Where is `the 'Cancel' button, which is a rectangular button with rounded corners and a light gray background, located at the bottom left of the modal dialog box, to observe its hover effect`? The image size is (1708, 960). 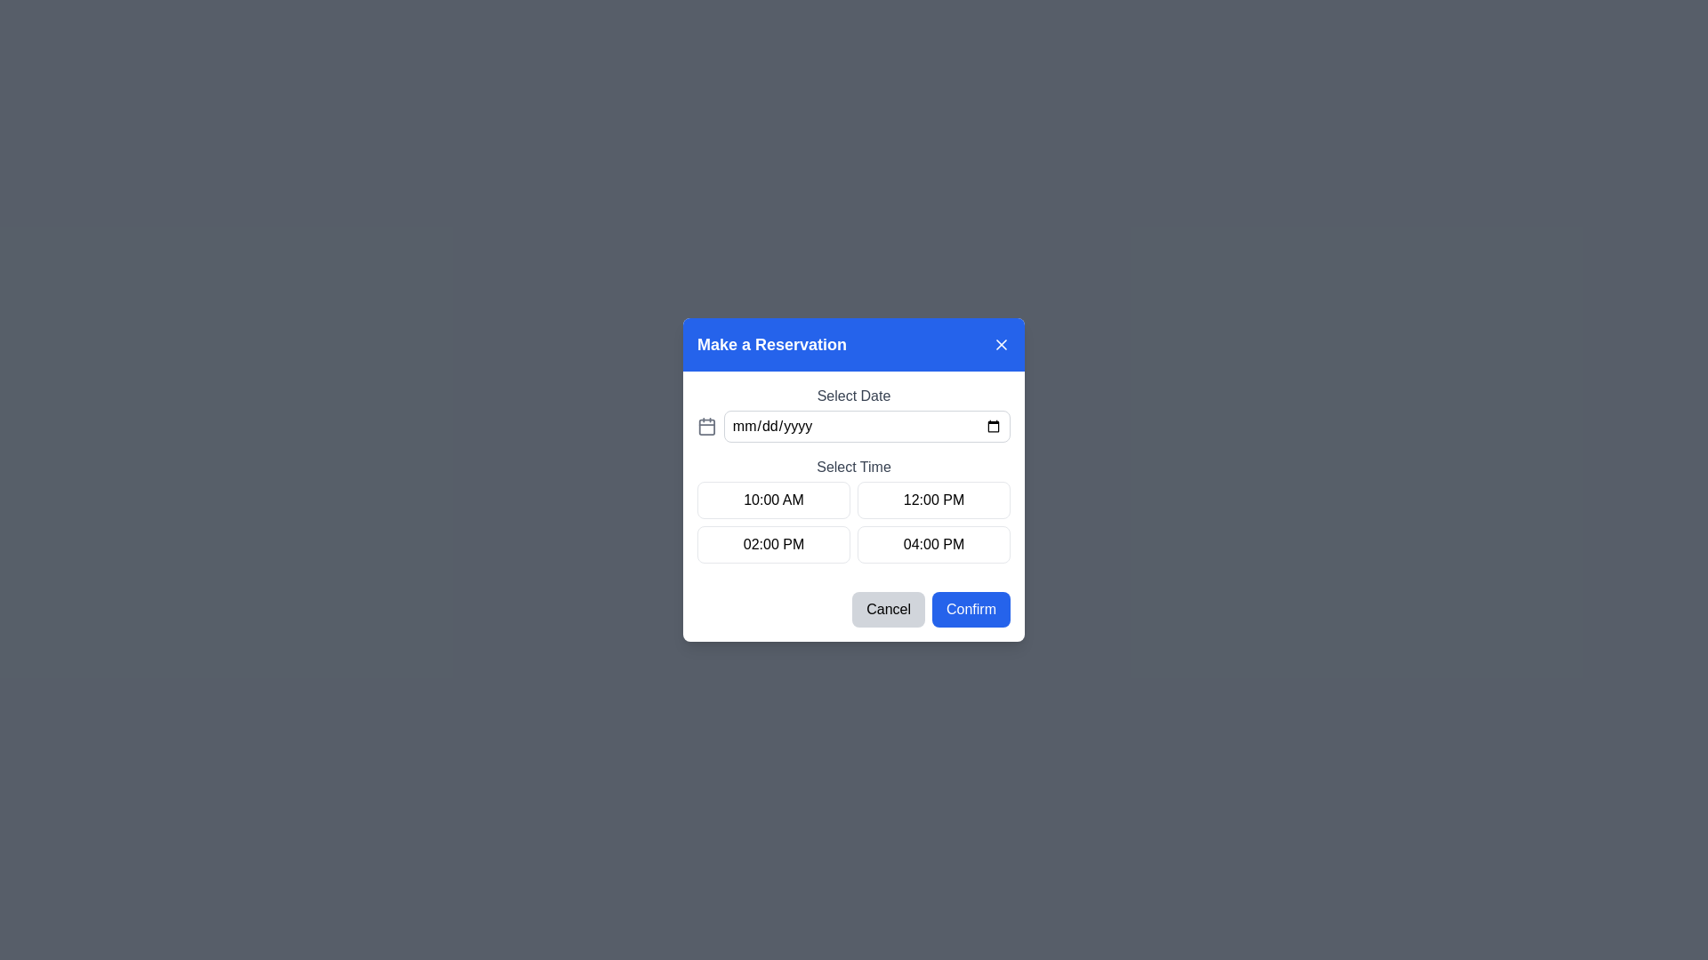 the 'Cancel' button, which is a rectangular button with rounded corners and a light gray background, located at the bottom left of the modal dialog box, to observe its hover effect is located at coordinates (889, 609).